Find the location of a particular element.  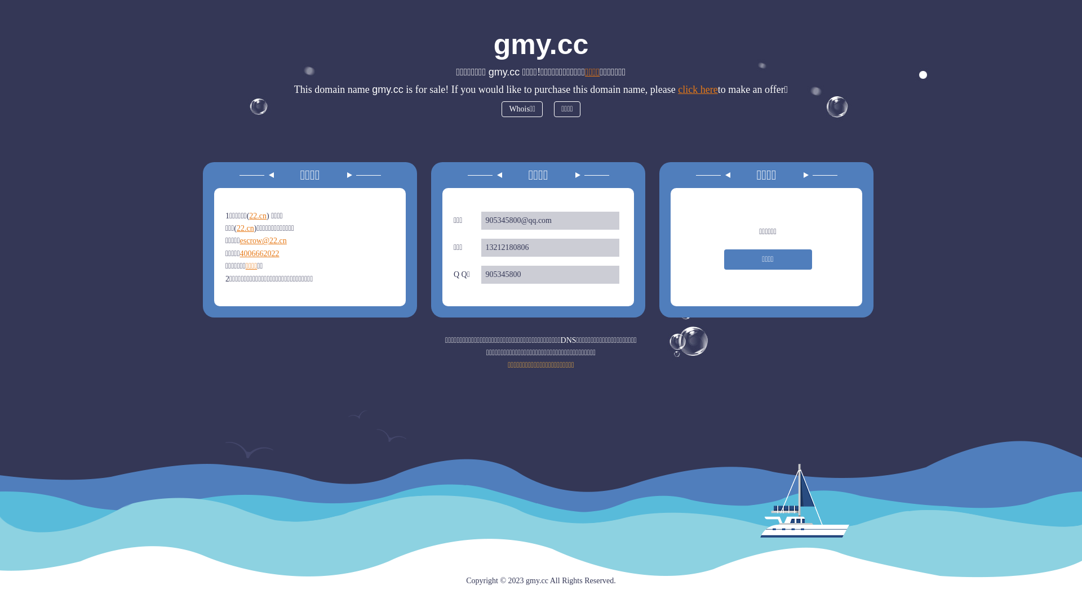

'4006662022' is located at coordinates (259, 253).